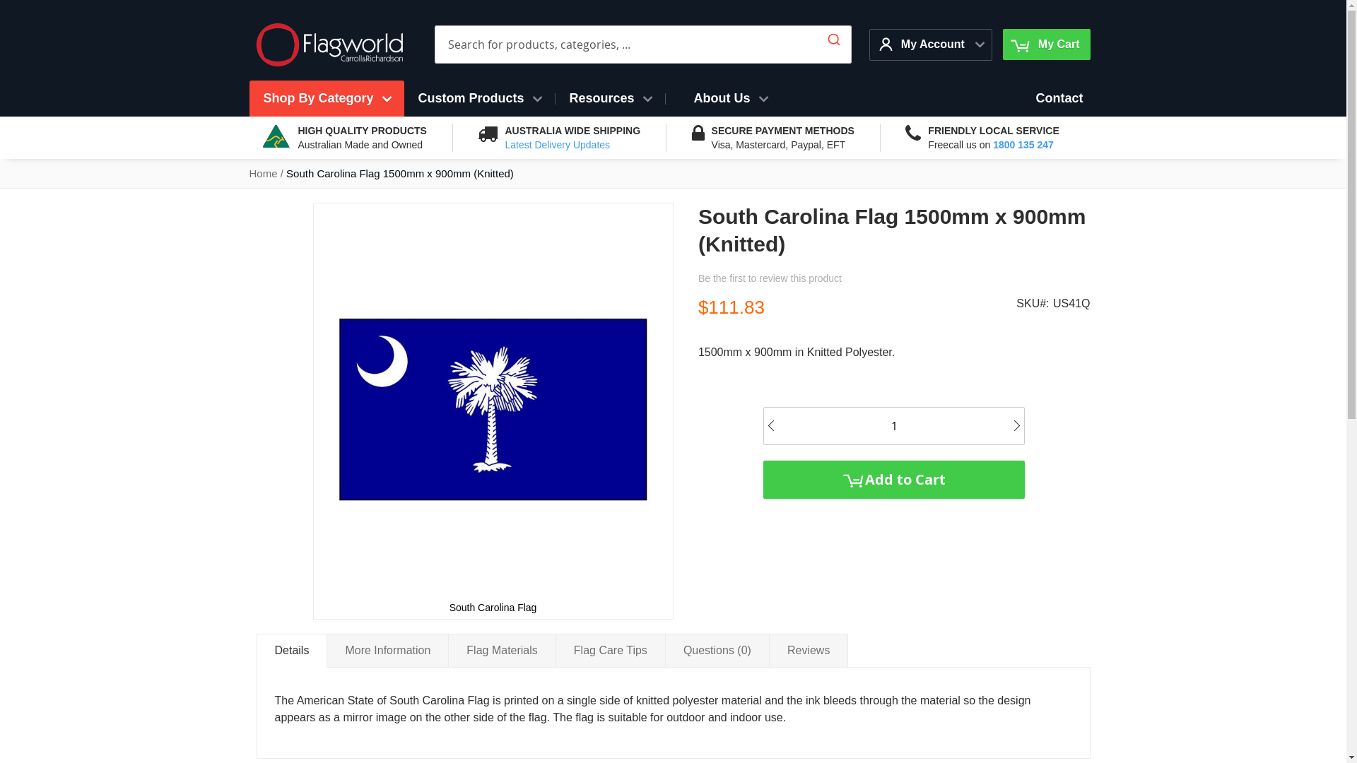 Image resolution: width=1357 pixels, height=763 pixels. Describe the element at coordinates (502, 650) in the screenshot. I see `'Flag Materials'` at that location.